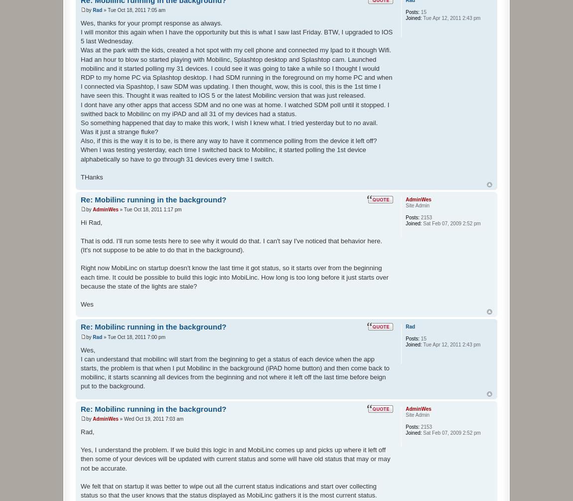 The height and width of the screenshot is (501, 573). I want to click on '» Wed Oct 19, 2011 7:03 am', so click(150, 418).